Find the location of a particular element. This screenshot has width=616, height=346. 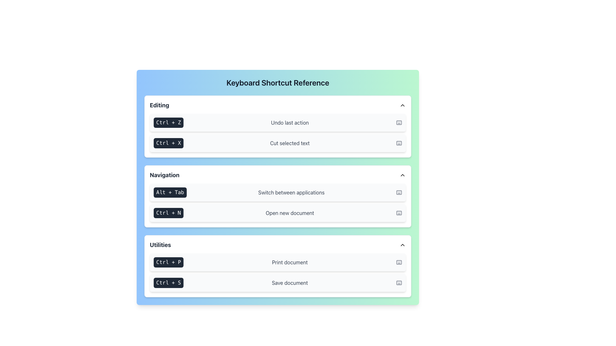

the text label displaying 'Cut selected text' which is positioned between the shortcut label 'Ctrl + X' and a keyboard icon in the 'Editing' section of the 'Keyboard Shortcut Reference' interface is located at coordinates (289, 143).